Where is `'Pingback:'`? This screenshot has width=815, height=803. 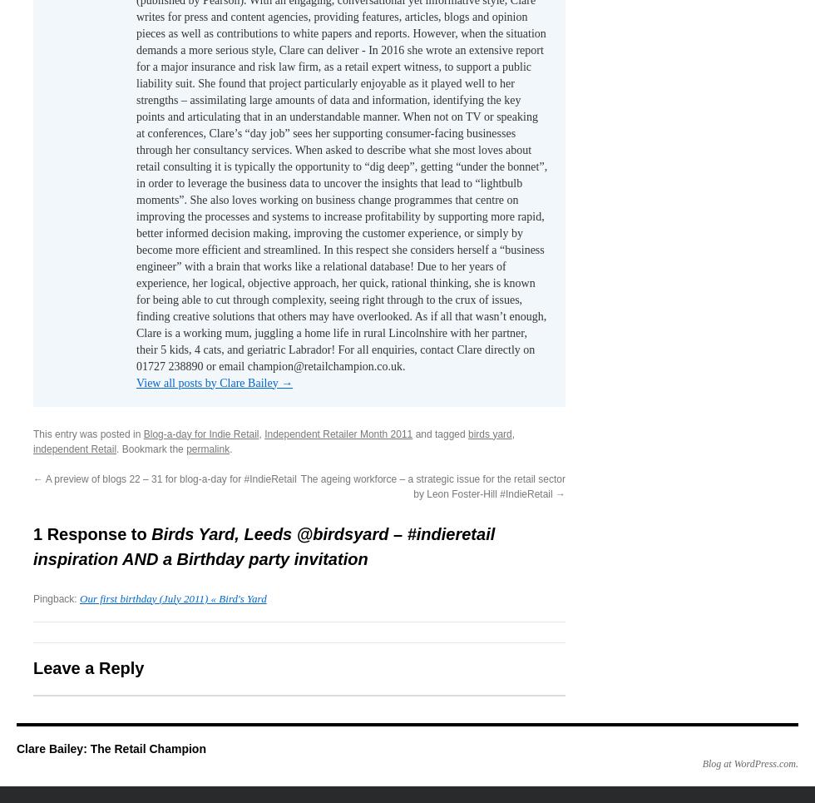
'Pingback:' is located at coordinates (32, 598).